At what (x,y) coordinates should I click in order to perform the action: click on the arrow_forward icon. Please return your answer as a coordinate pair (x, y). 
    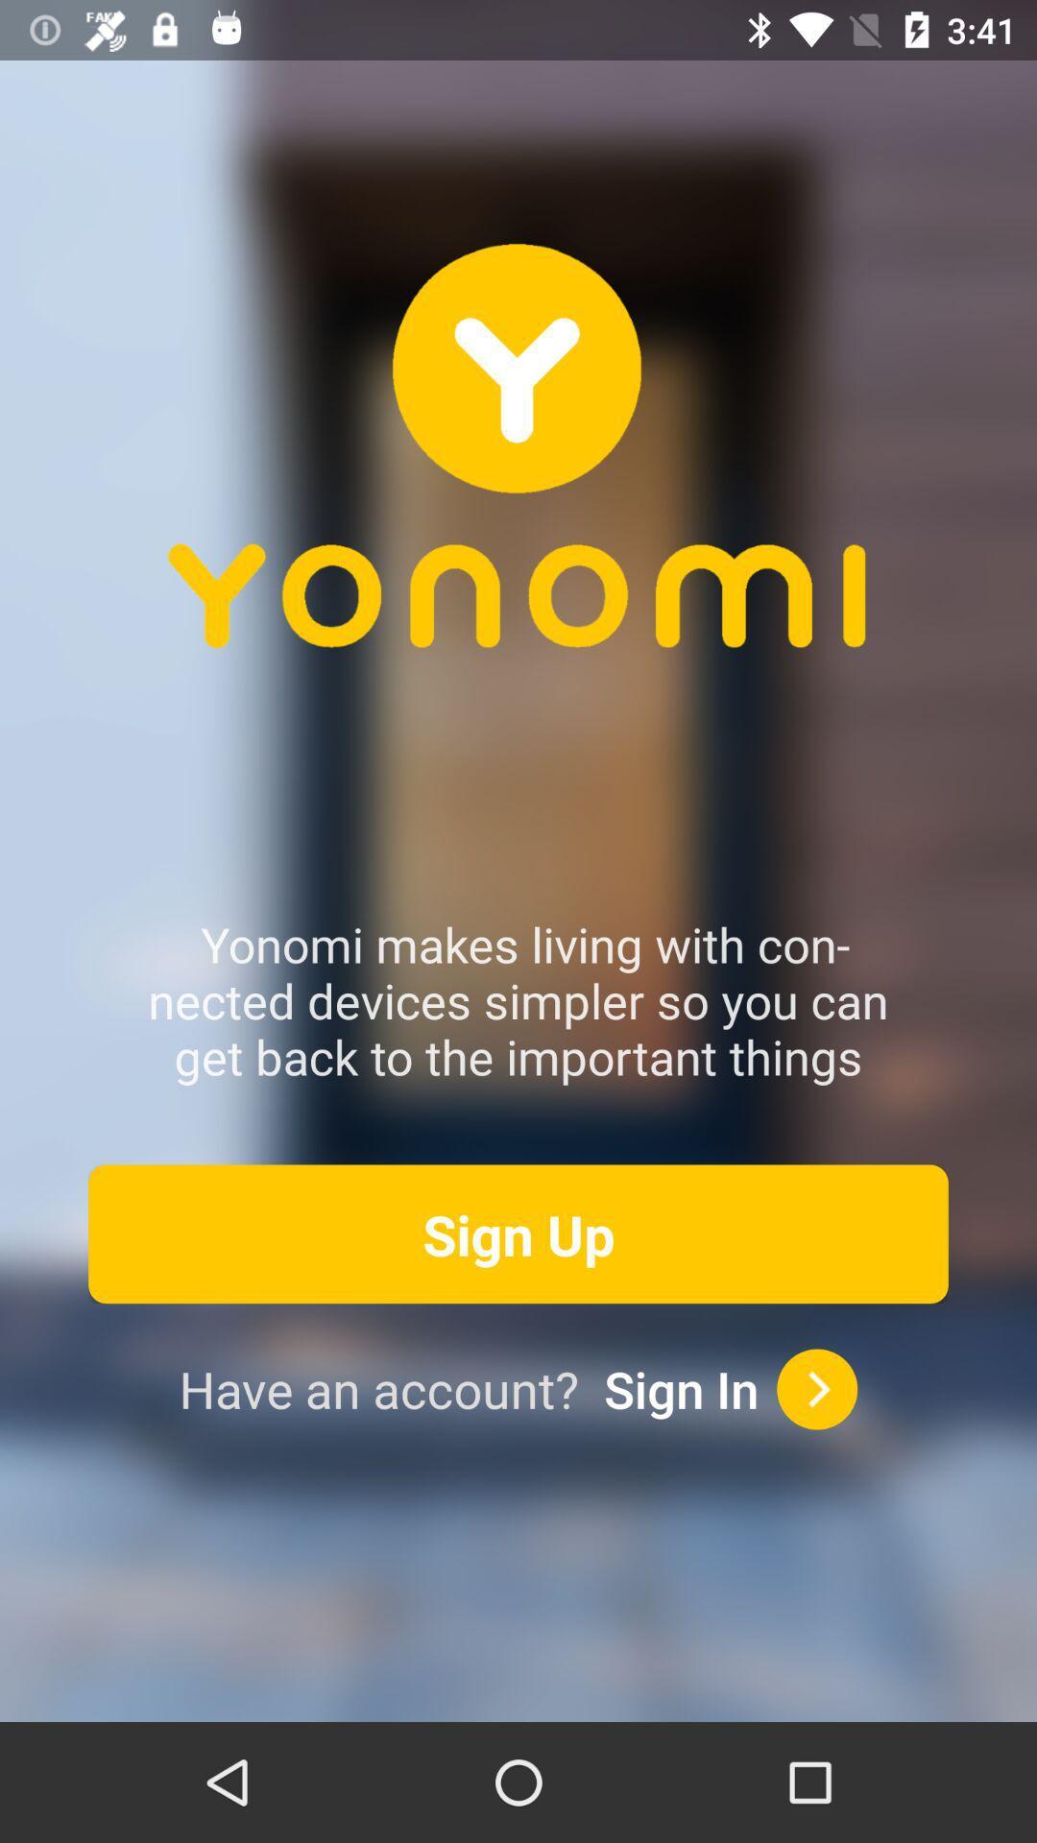
    Looking at the image, I should click on (817, 1389).